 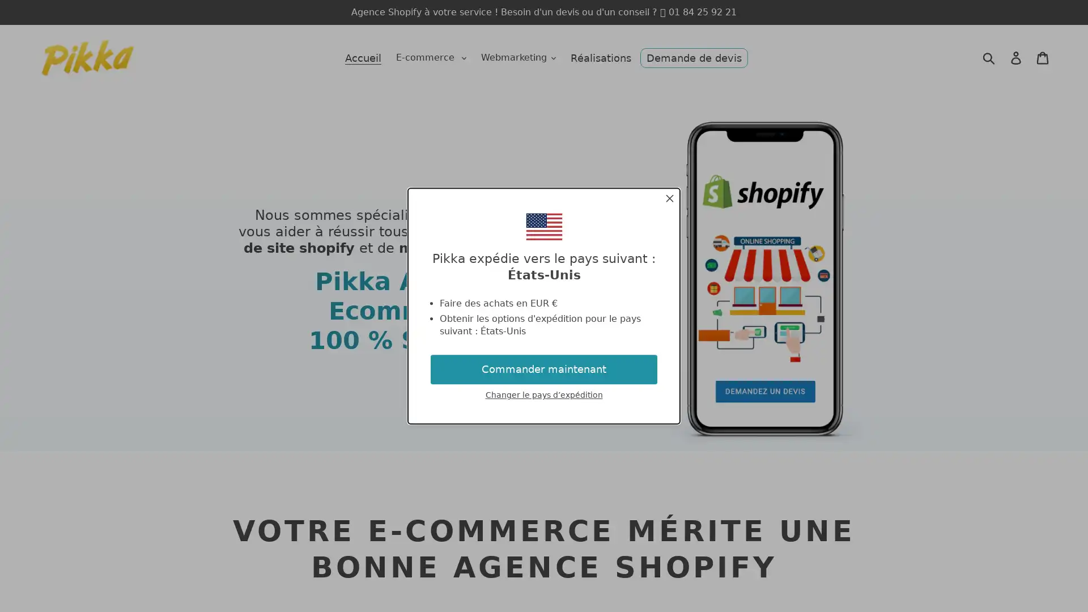 What do you see at coordinates (518, 57) in the screenshot?
I see `Webmarketing` at bounding box center [518, 57].